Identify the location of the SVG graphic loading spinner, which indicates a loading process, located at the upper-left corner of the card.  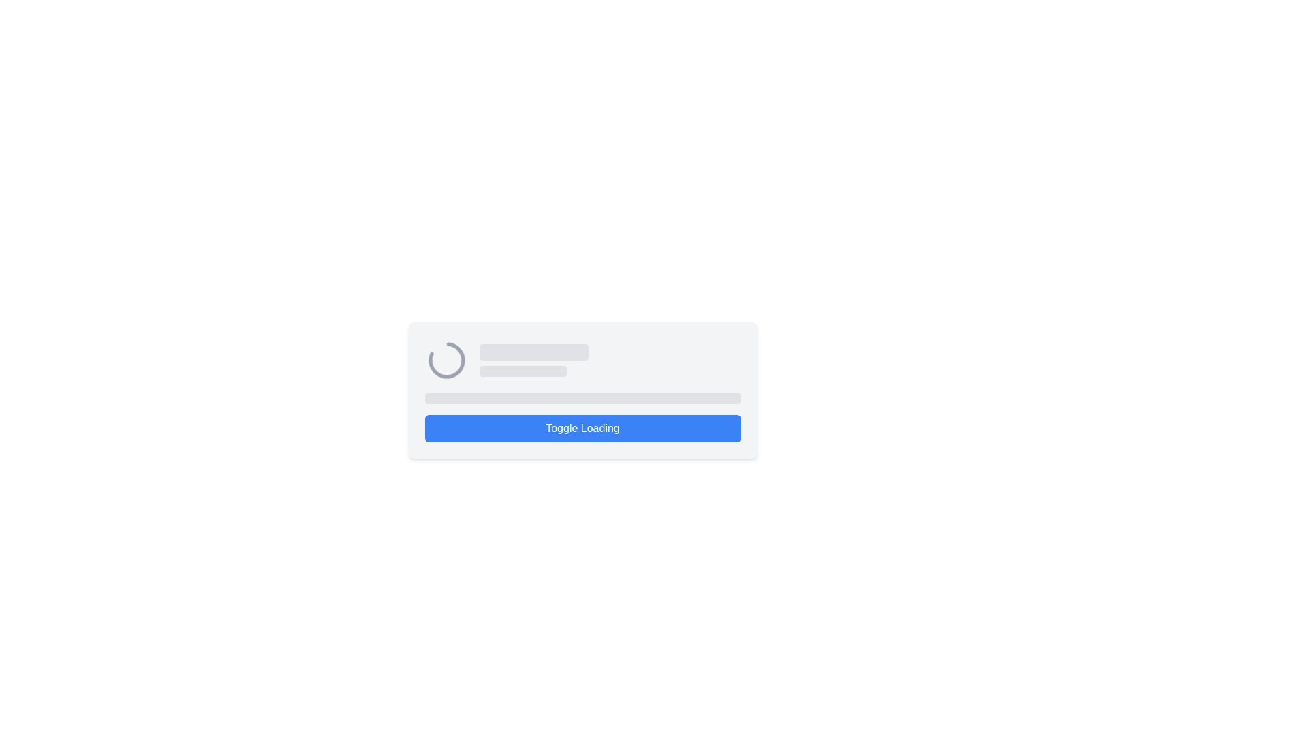
(446, 359).